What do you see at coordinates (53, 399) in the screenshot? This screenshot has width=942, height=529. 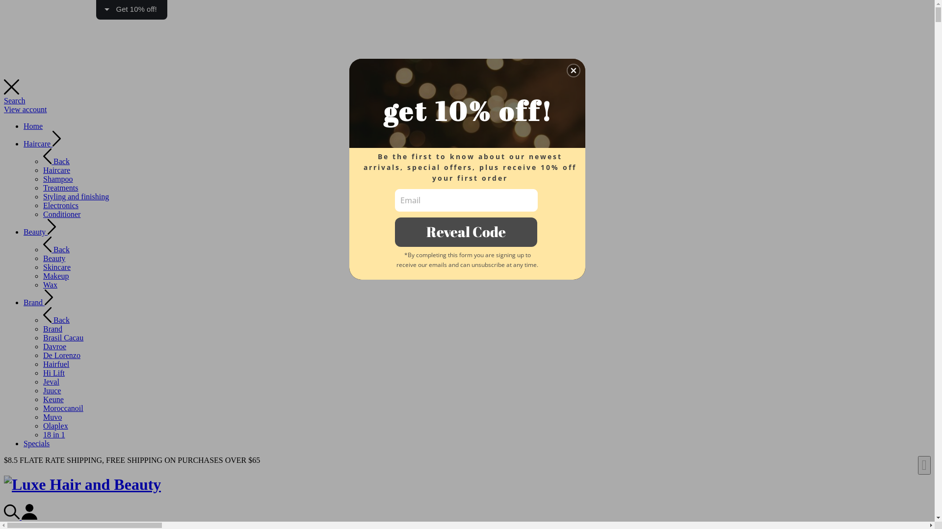 I see `'Keune'` at bounding box center [53, 399].